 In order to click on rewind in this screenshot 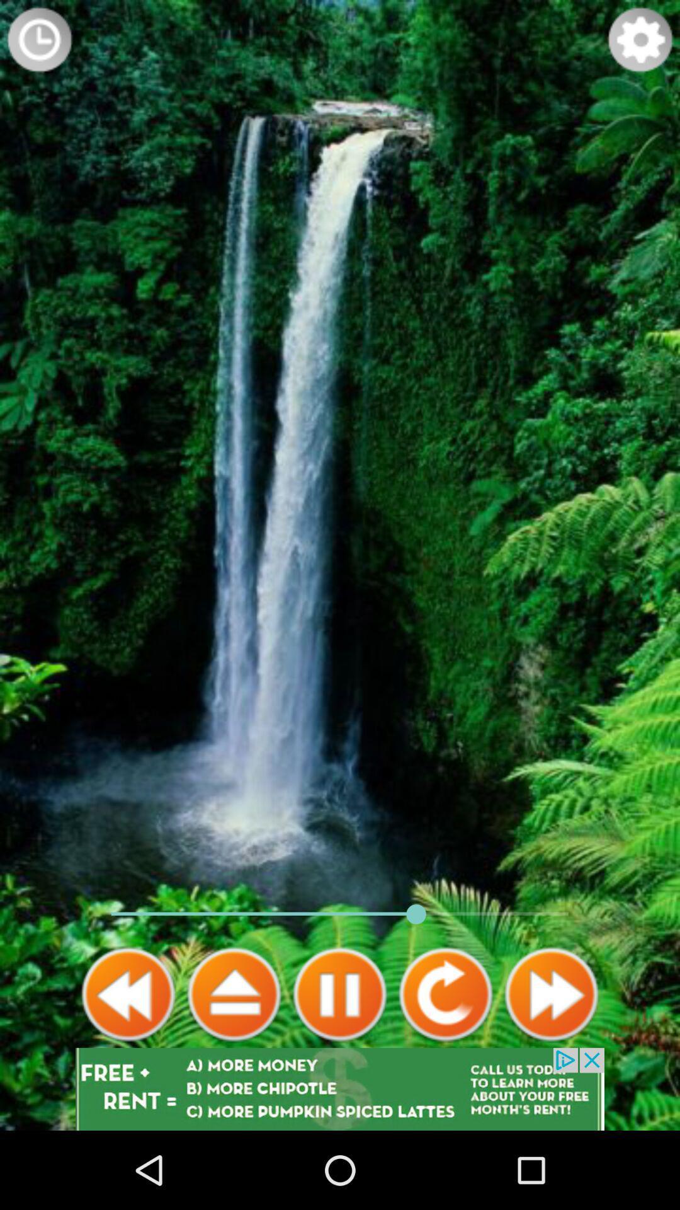, I will do `click(128, 994)`.